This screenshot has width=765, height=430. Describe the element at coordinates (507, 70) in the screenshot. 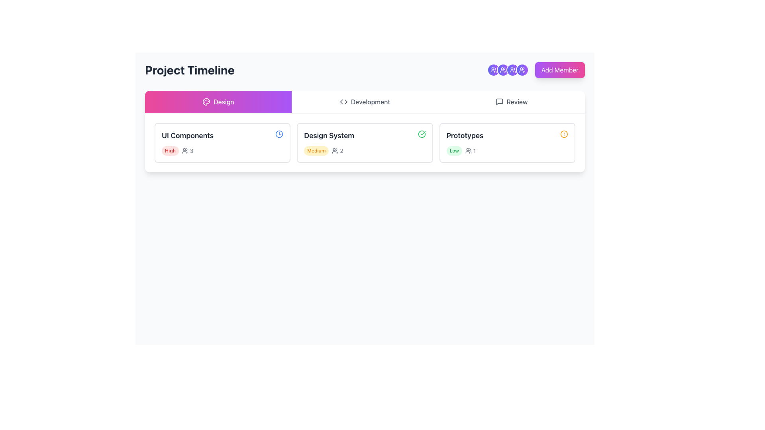

I see `the third circular user icon located at the top-right of the layout, just to the left of the 'Add Member' button` at that location.